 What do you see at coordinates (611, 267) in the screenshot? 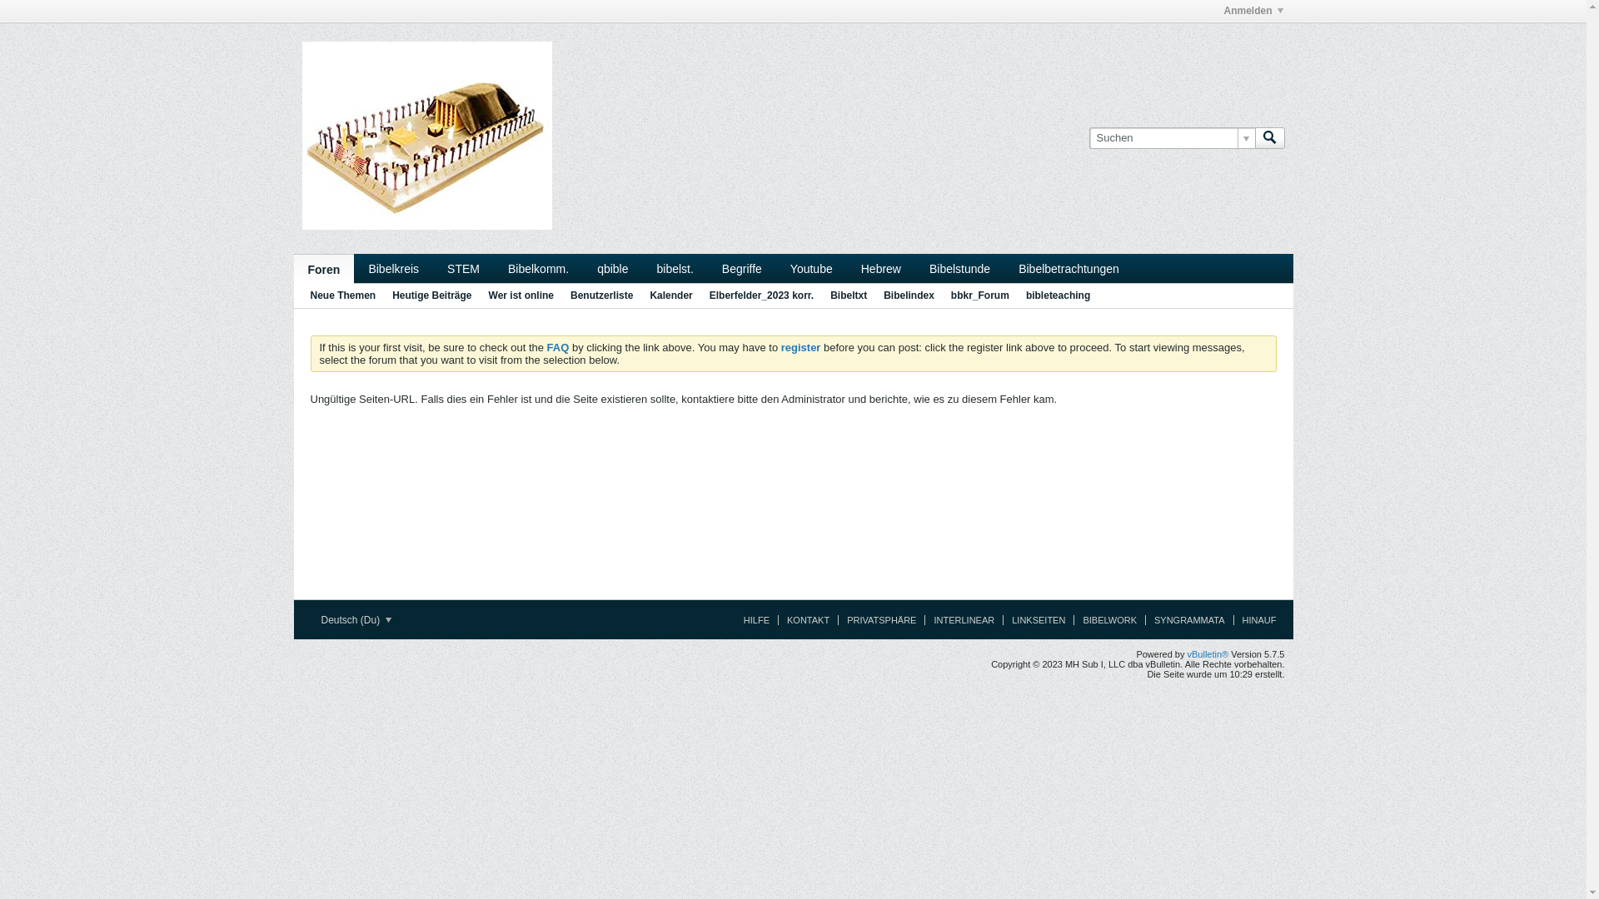
I see `'qbible'` at bounding box center [611, 267].